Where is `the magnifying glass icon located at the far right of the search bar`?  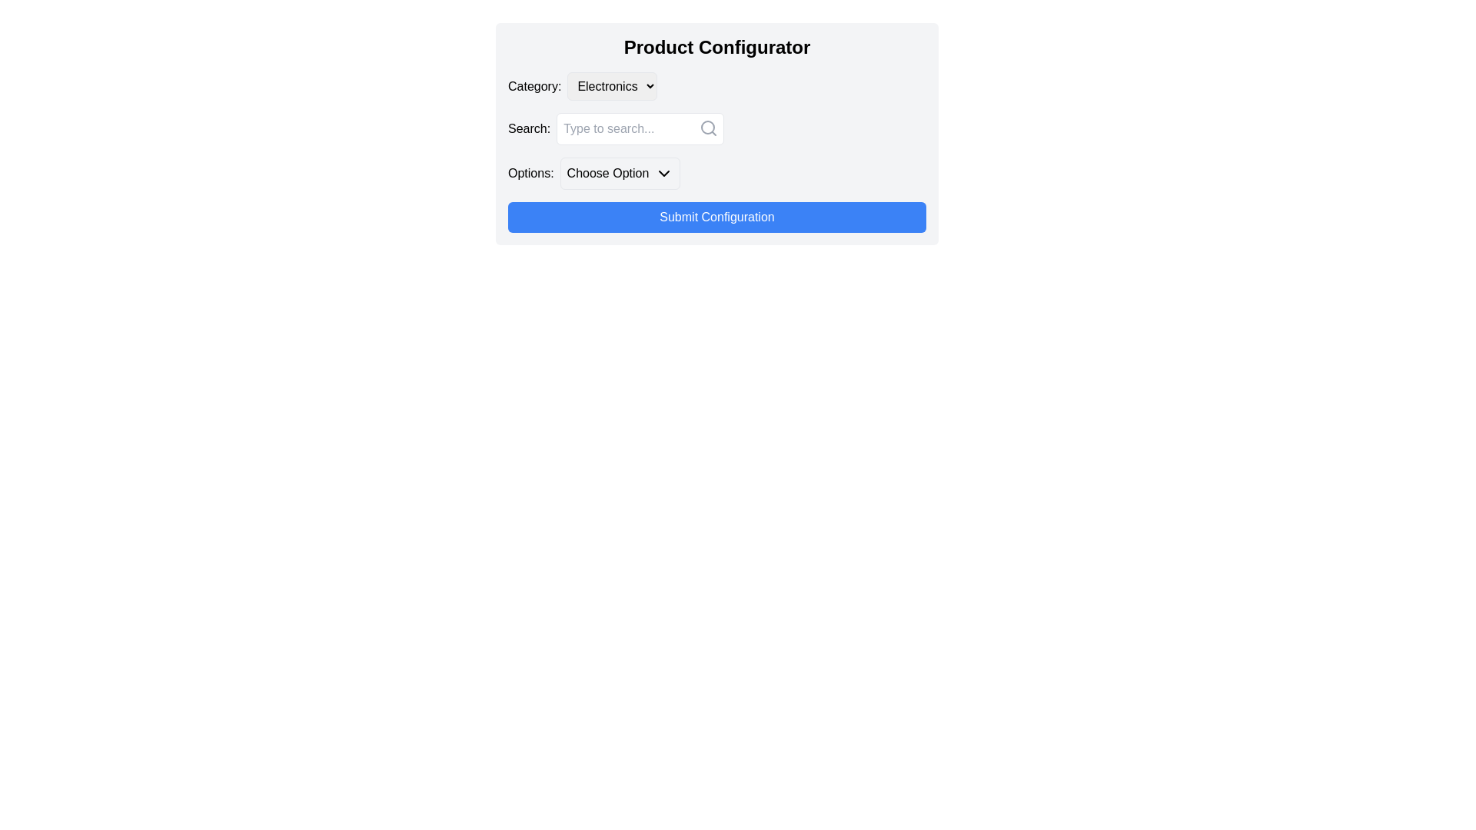
the magnifying glass icon located at the far right of the search bar is located at coordinates (707, 127).